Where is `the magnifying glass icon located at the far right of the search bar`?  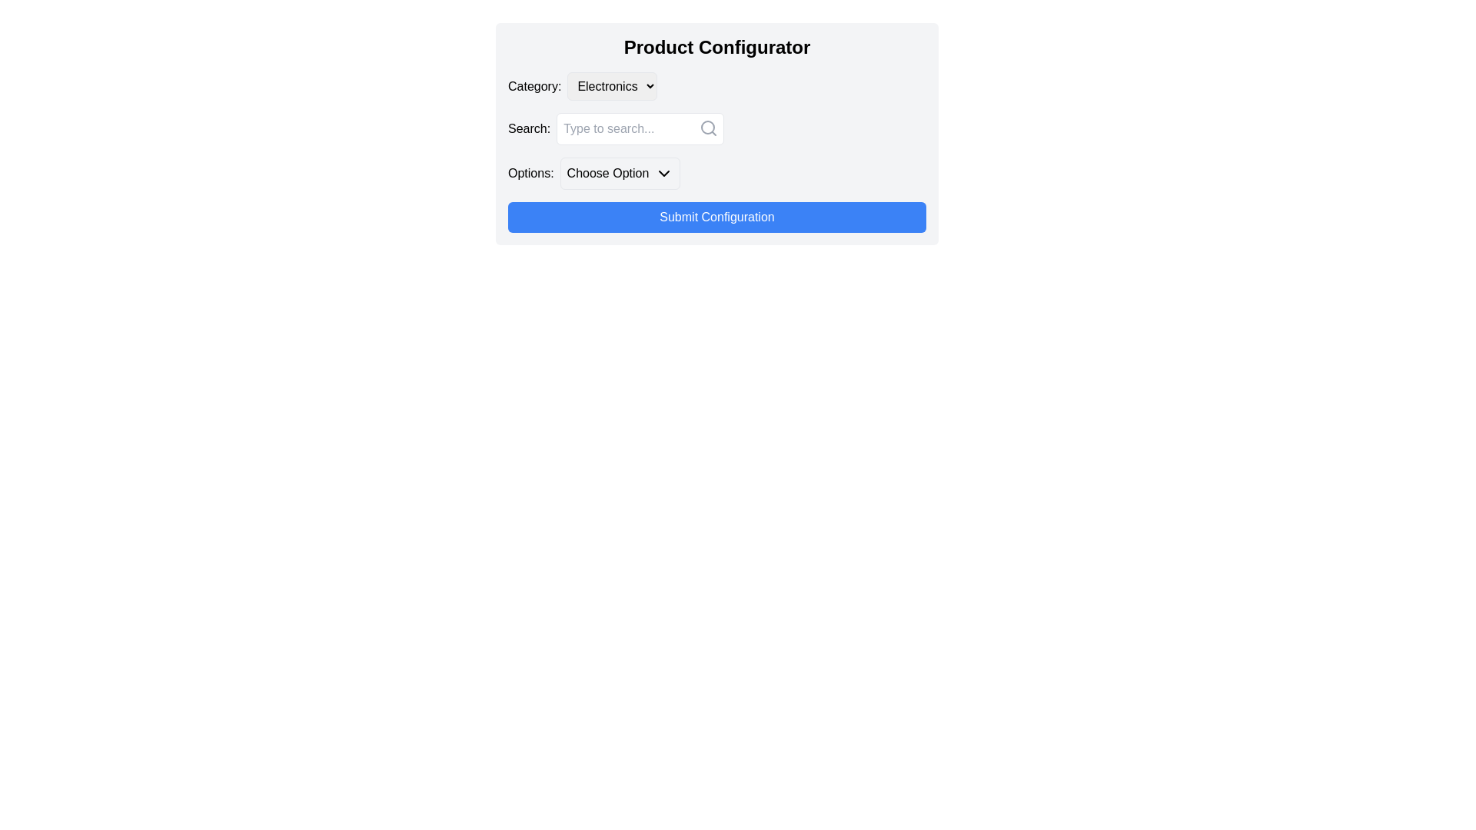
the magnifying glass icon located at the far right of the search bar is located at coordinates (707, 127).